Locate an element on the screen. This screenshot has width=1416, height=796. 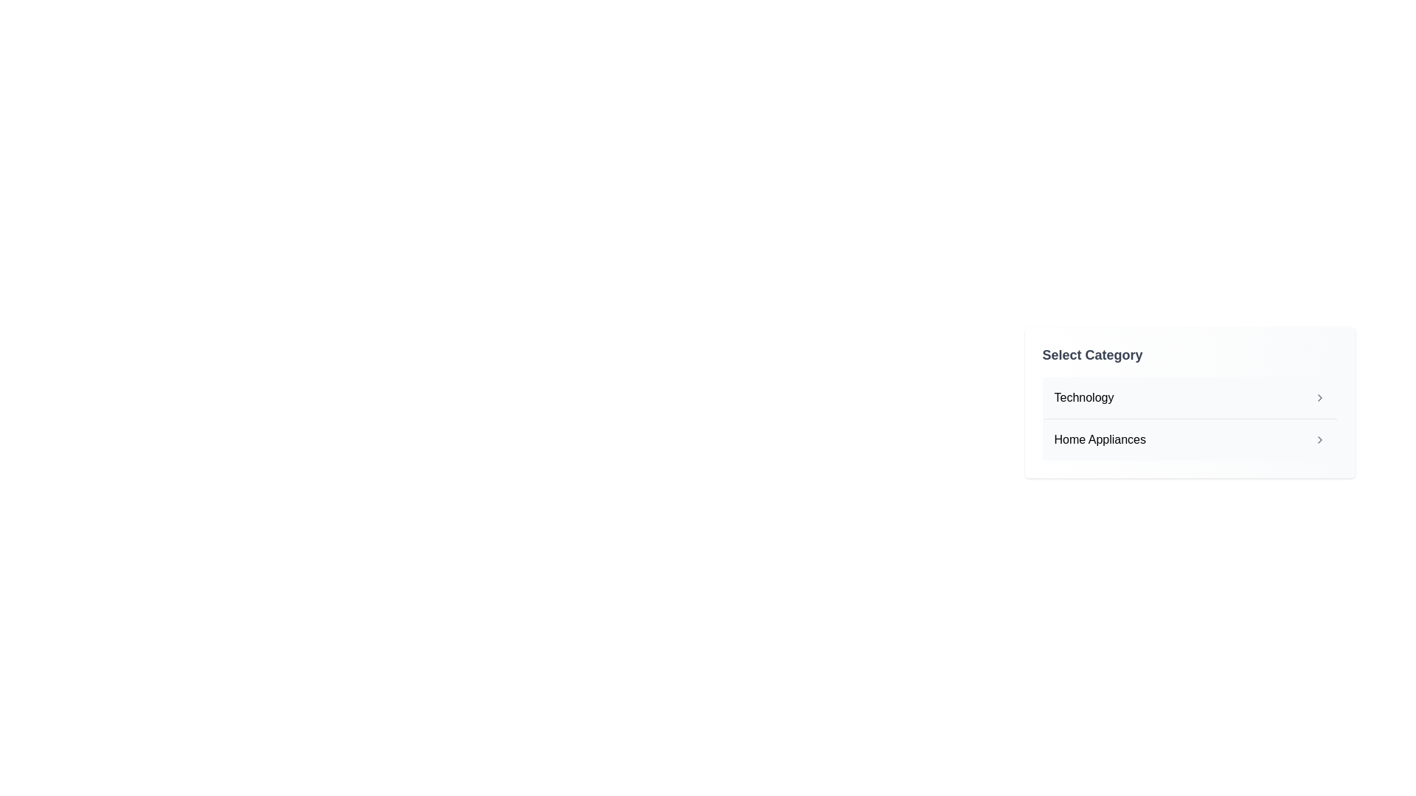
the small right-facing chevron icon, which is gray and located to the right of the 'Technology' text is located at coordinates (1319, 398).